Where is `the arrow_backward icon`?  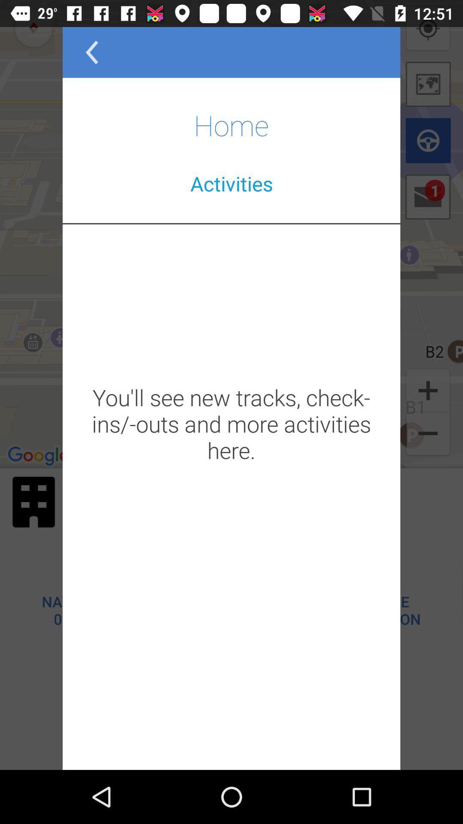
the arrow_backward icon is located at coordinates (92, 52).